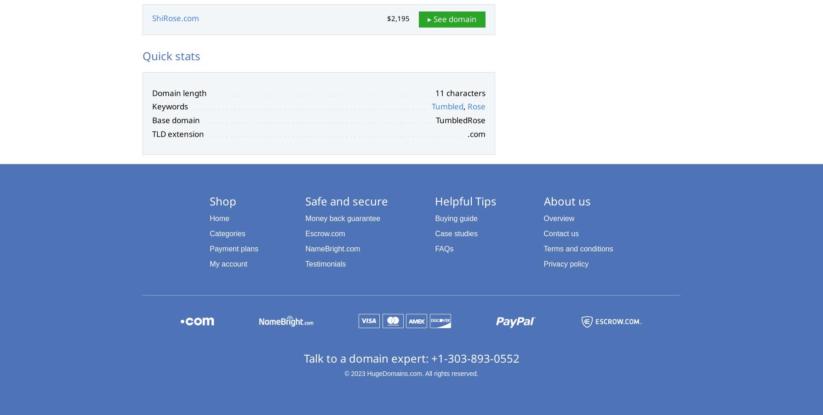 The width and height of the screenshot is (823, 415). Describe the element at coordinates (398, 18) in the screenshot. I see `'$2,195'` at that location.